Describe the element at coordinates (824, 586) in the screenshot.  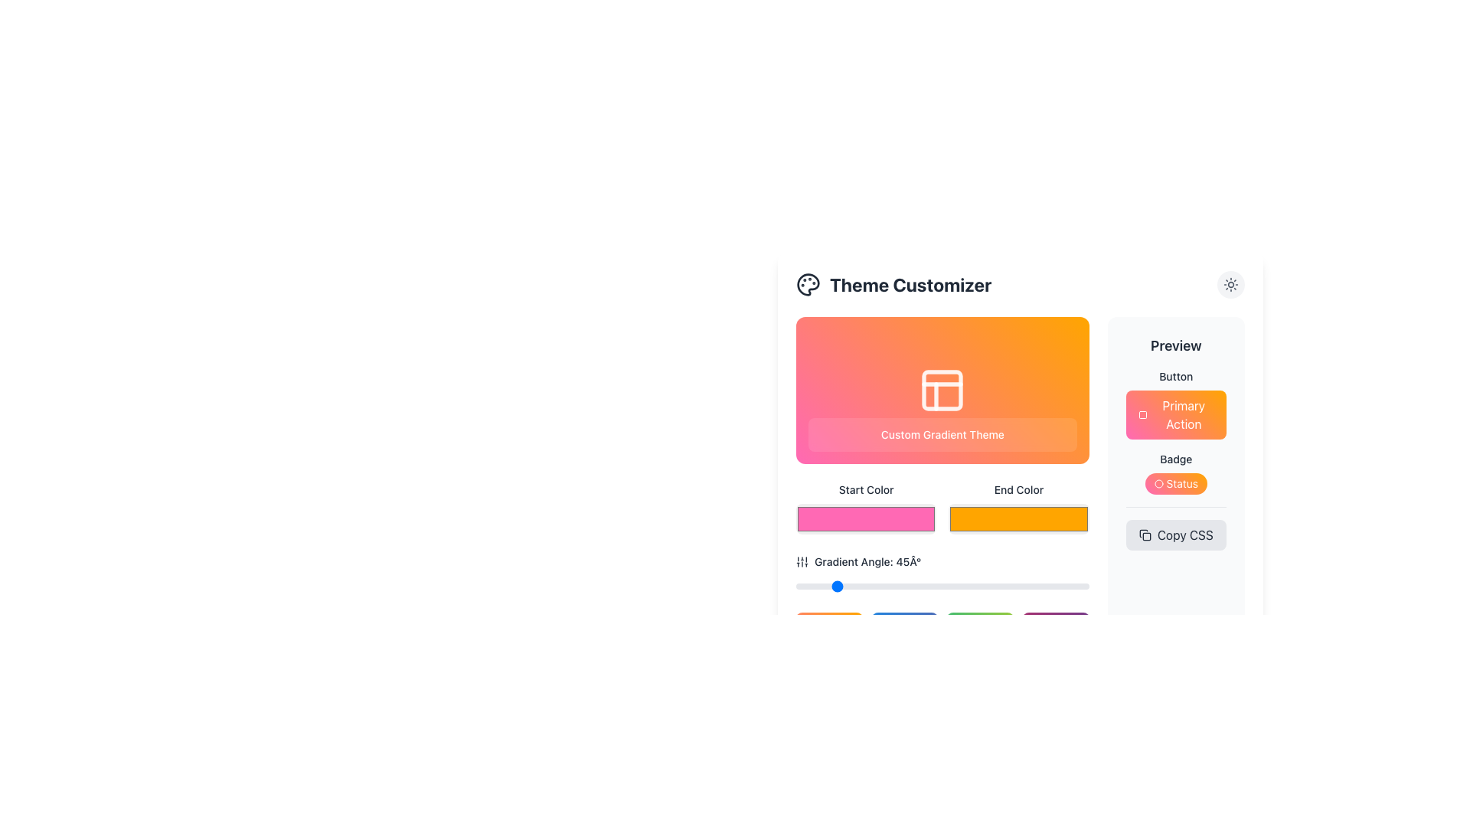
I see `the gradient angle` at that location.